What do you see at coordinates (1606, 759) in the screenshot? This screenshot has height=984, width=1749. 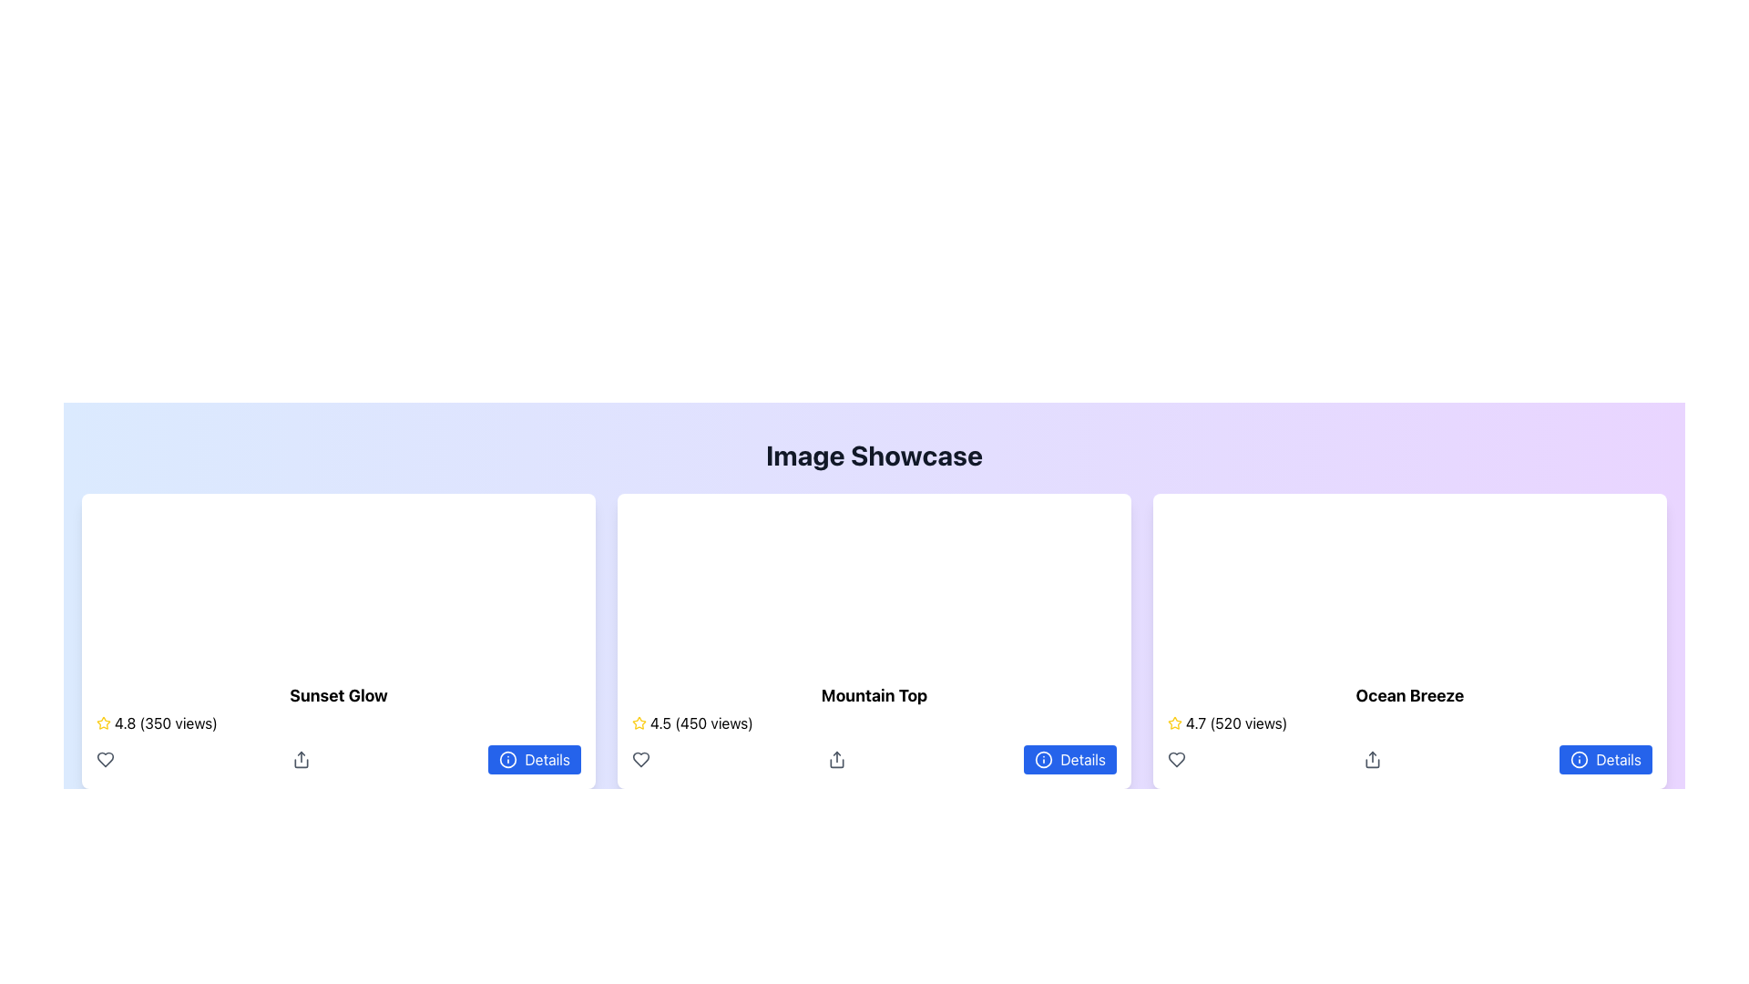 I see `the 'Details' button with a blue background and white text at the bottom-right corner of the 'Ocean Breeze' card` at bounding box center [1606, 759].